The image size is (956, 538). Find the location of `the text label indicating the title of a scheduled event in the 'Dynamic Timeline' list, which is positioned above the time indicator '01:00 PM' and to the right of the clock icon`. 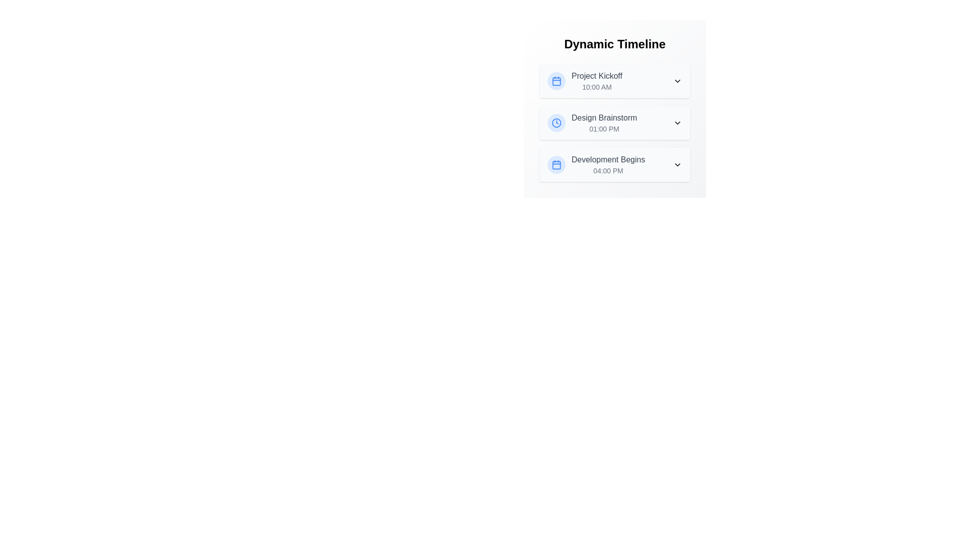

the text label indicating the title of a scheduled event in the 'Dynamic Timeline' list, which is positioned above the time indicator '01:00 PM' and to the right of the clock icon is located at coordinates (603, 117).